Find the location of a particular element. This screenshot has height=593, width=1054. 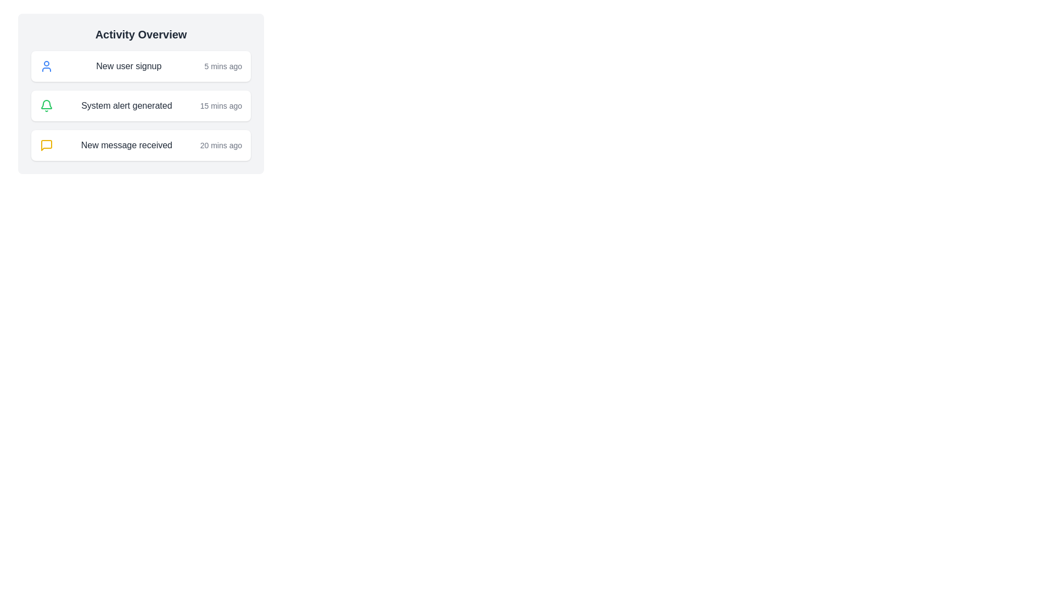

the yellow speech bubble icon indicating an alert or message is located at coordinates (46, 145).